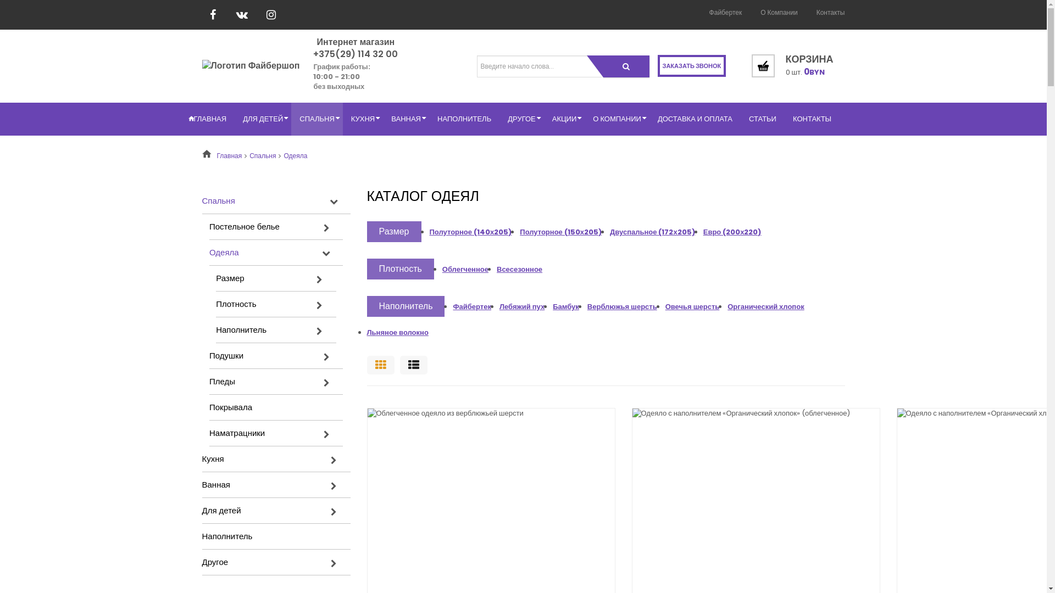 The height and width of the screenshot is (593, 1055). I want to click on 'Facebook', so click(213, 15).